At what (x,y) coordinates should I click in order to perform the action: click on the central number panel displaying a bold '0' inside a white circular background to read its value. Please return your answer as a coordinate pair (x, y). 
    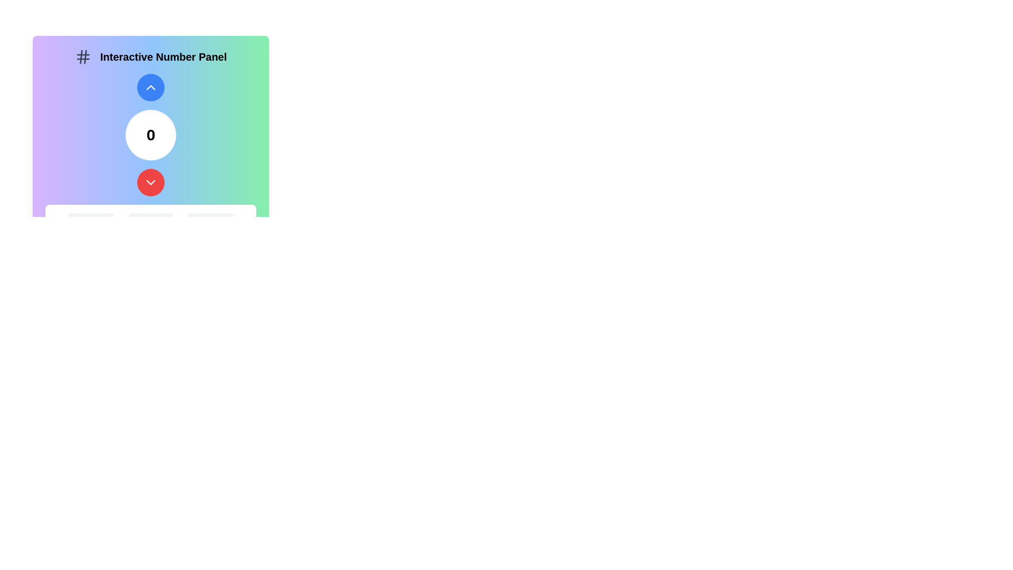
    Looking at the image, I should click on (150, 134).